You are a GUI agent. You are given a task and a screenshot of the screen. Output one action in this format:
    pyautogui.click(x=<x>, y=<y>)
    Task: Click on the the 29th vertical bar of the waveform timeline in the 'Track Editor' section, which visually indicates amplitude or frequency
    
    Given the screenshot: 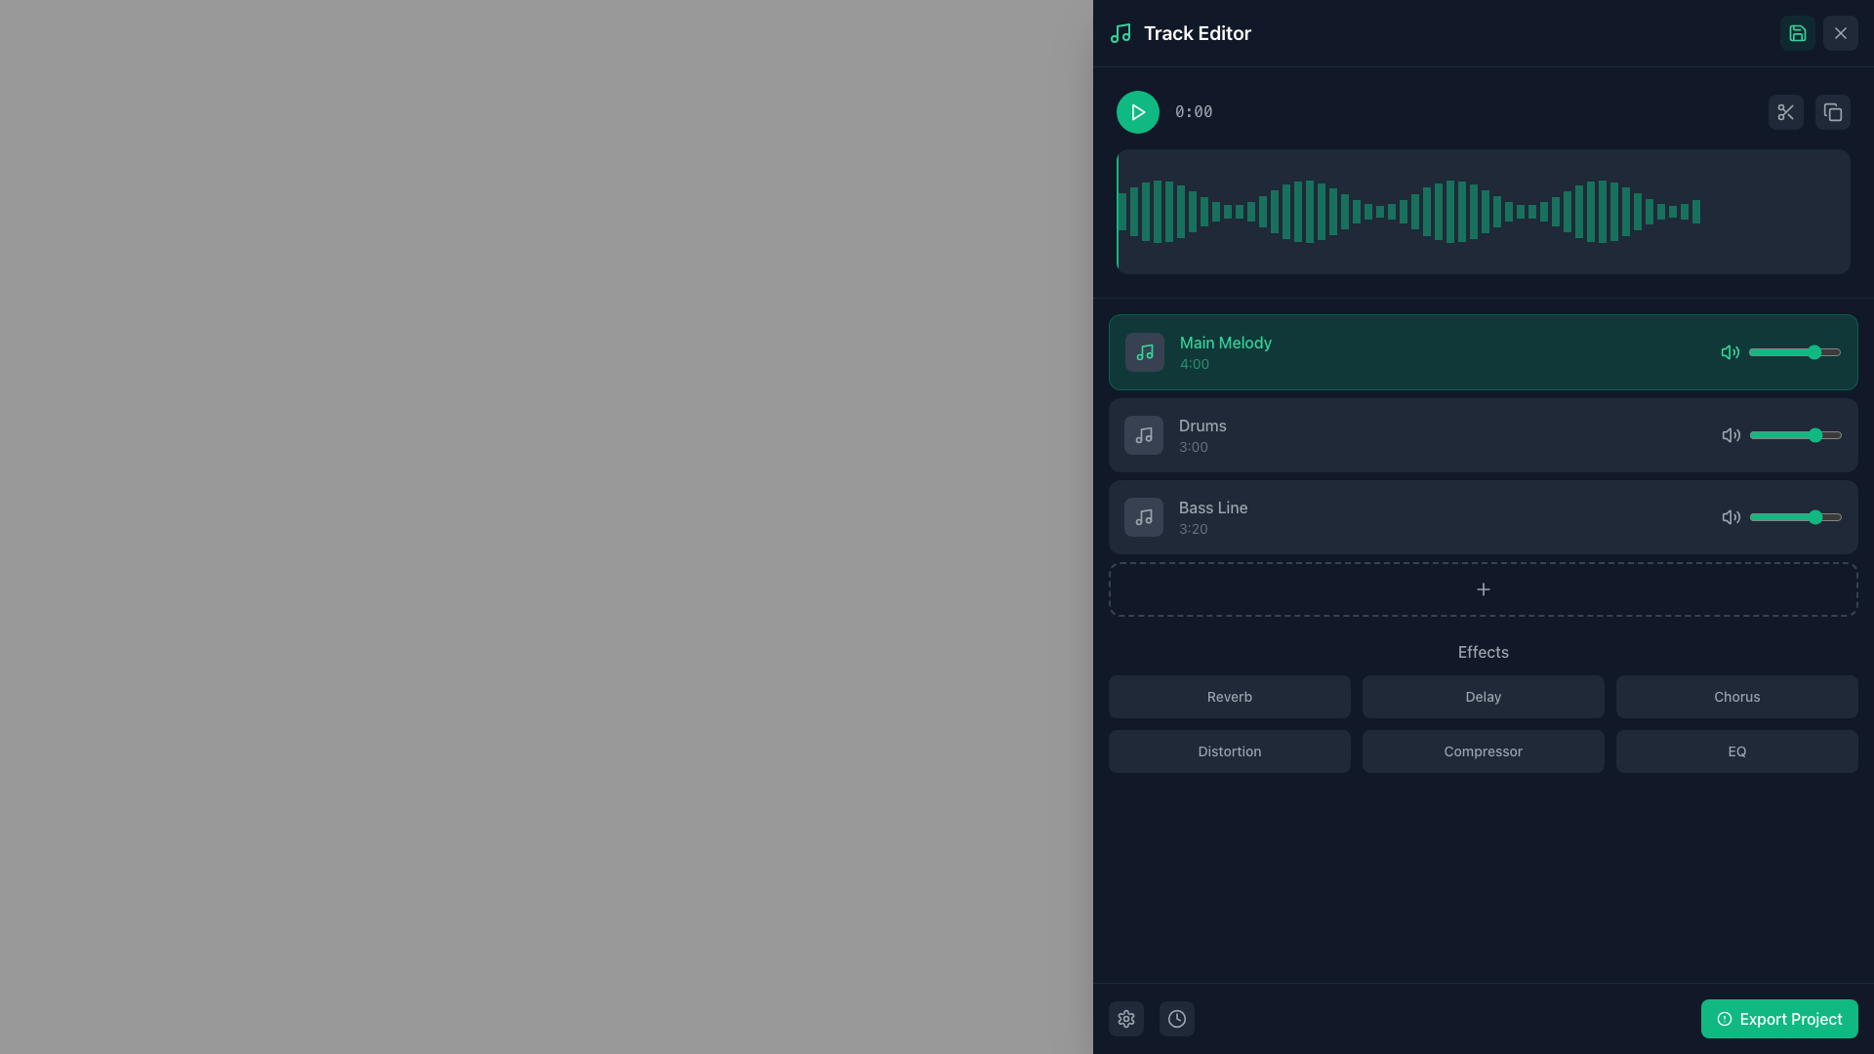 What is the action you would take?
    pyautogui.click(x=1438, y=211)
    